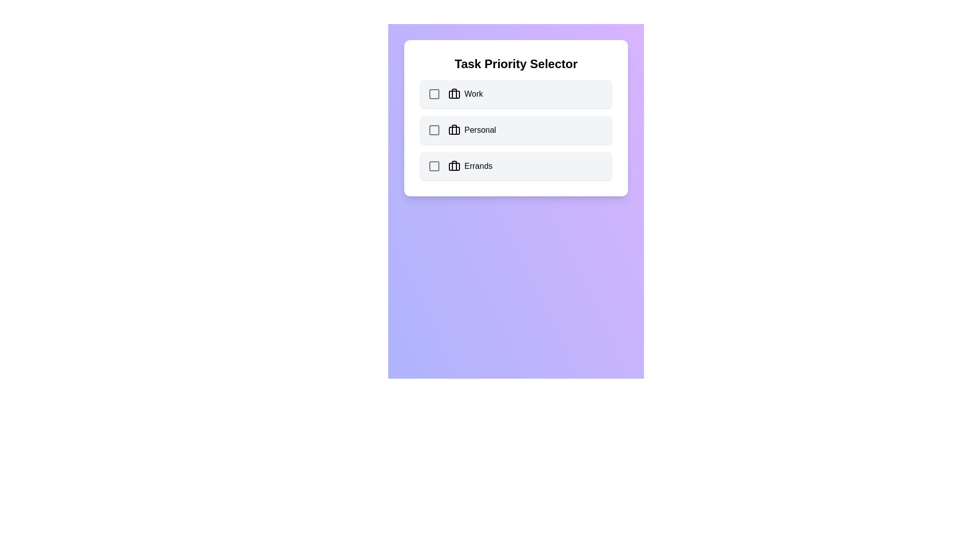  What do you see at coordinates (516, 129) in the screenshot?
I see `the category Personal` at bounding box center [516, 129].